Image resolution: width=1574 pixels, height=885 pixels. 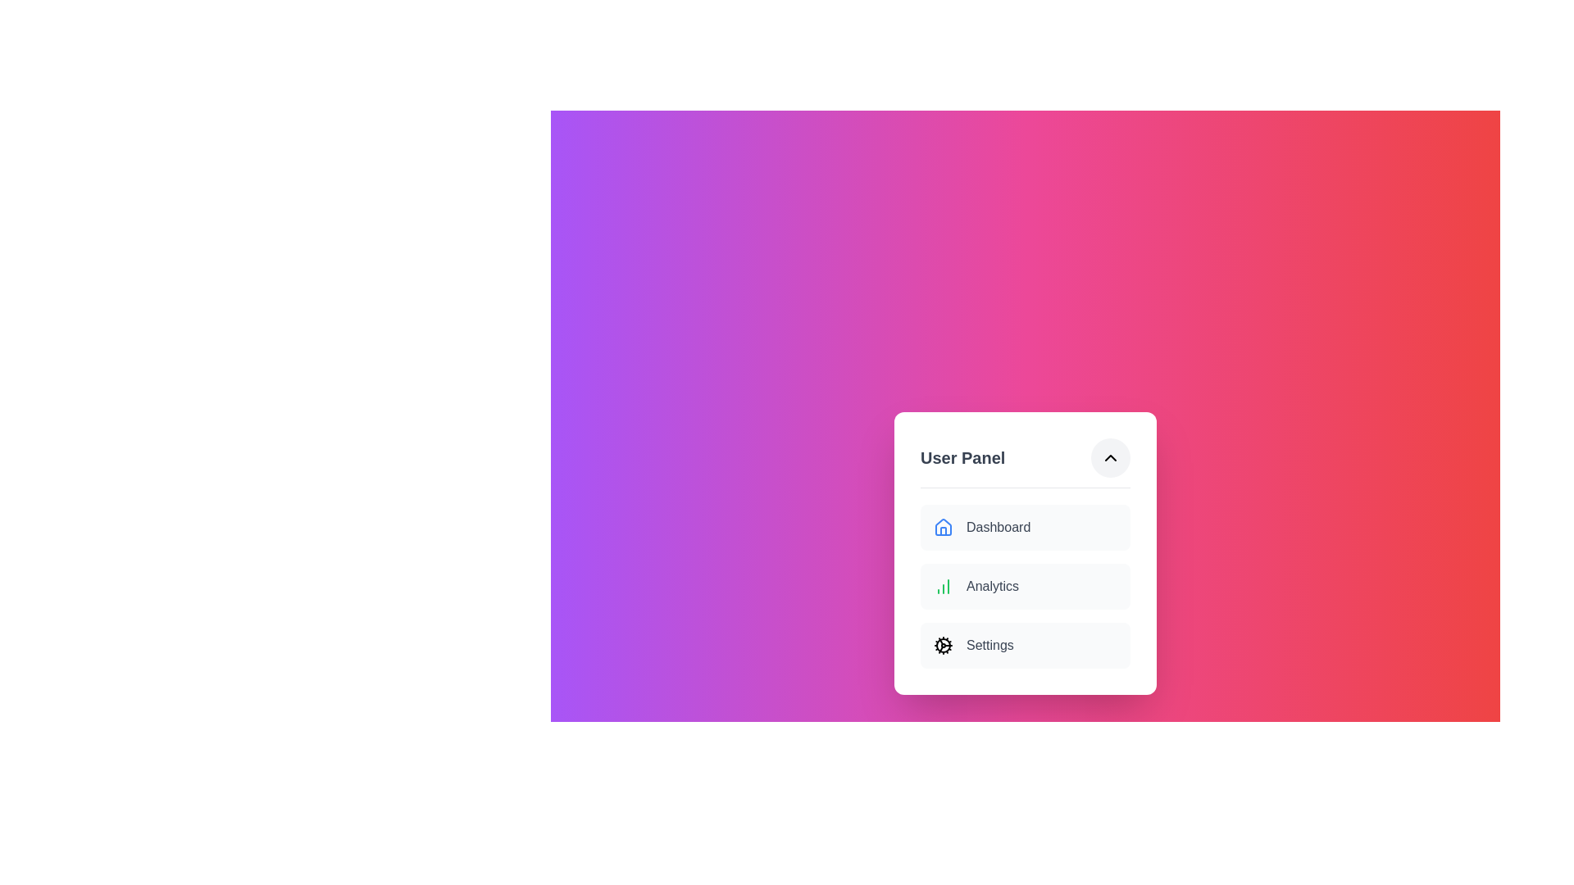 I want to click on the menu item Analytics from the menu, so click(x=1025, y=585).